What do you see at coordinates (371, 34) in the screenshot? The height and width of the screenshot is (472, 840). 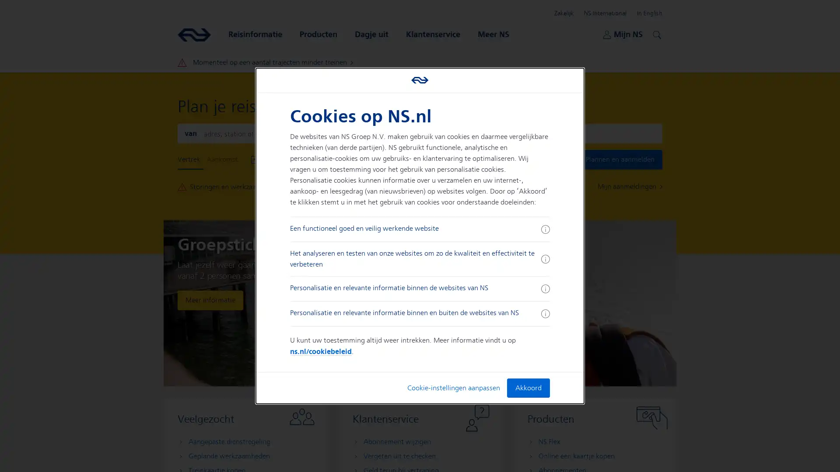 I see `Dagje uit Open submenu` at bounding box center [371, 34].